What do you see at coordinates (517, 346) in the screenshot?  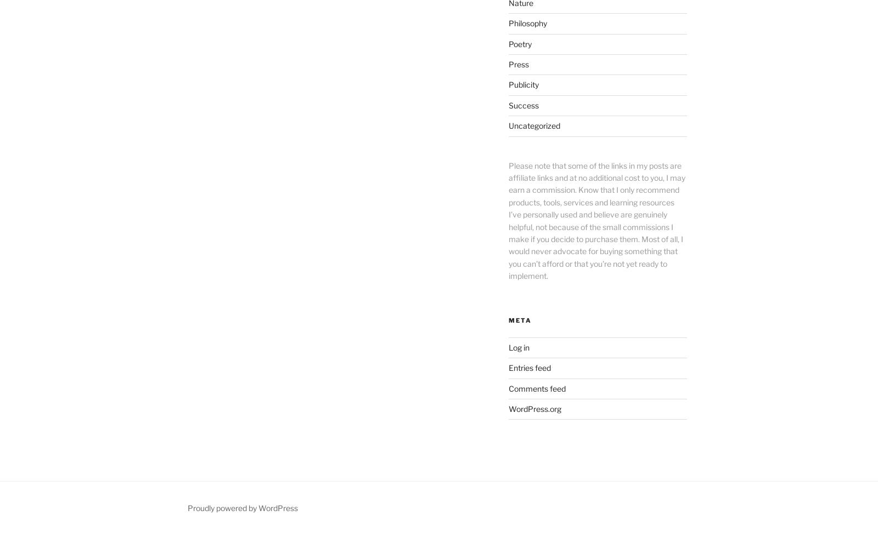 I see `'Log in'` at bounding box center [517, 346].